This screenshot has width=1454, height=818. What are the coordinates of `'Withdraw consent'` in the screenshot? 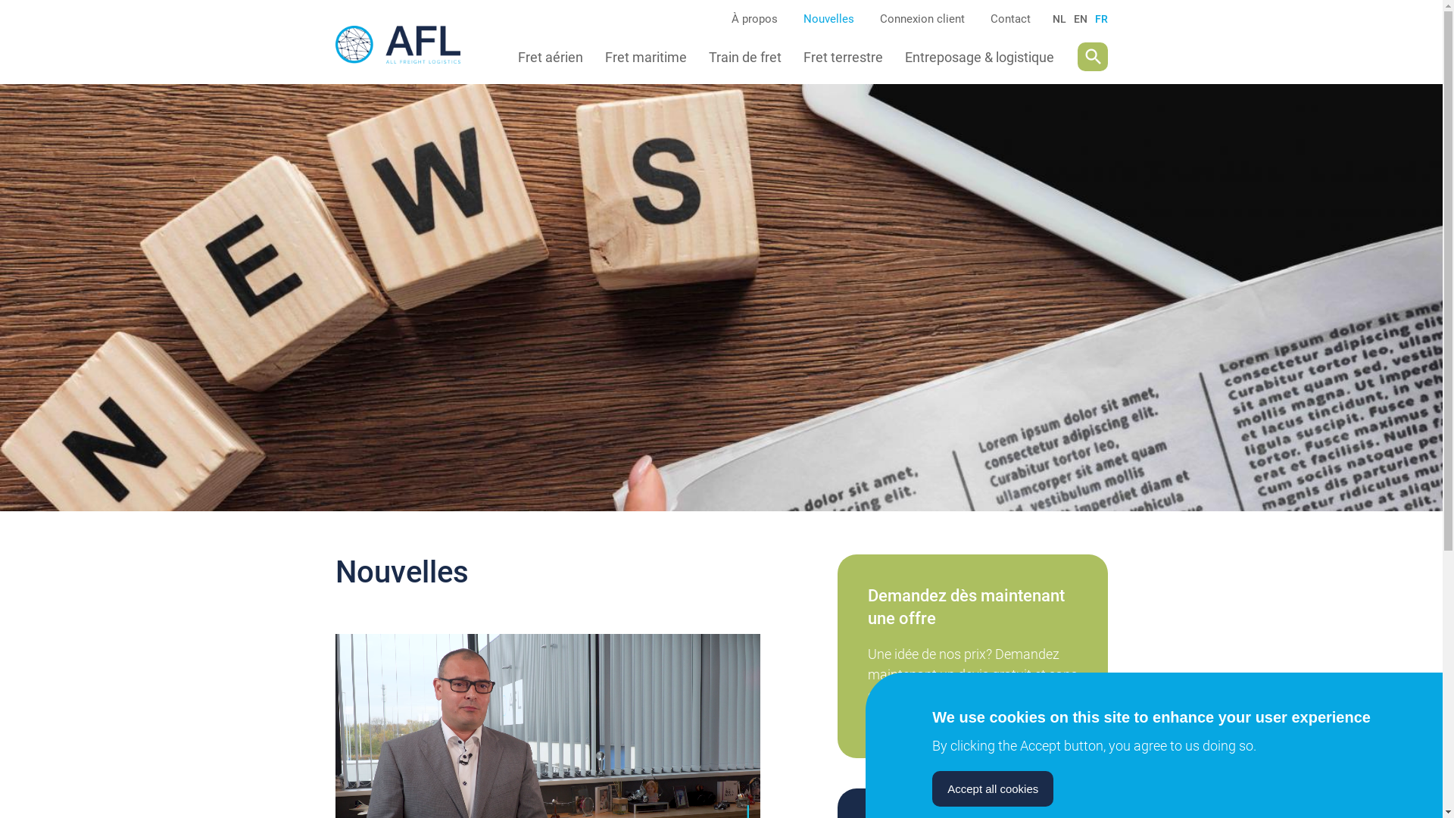 It's located at (1113, 779).